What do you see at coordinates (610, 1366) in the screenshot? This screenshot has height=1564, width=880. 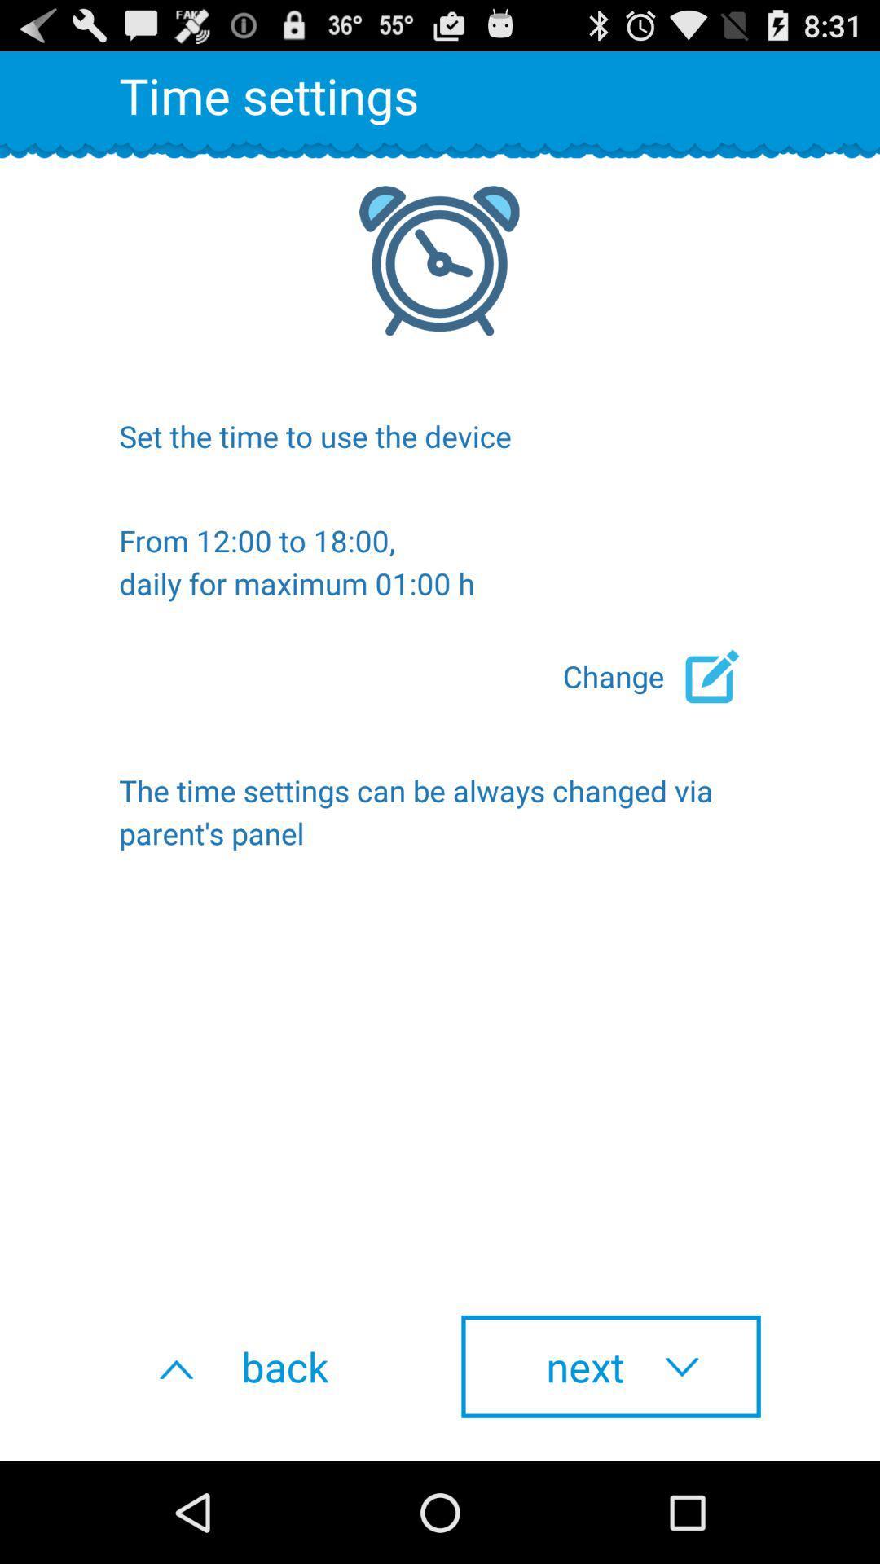 I see `button at the bottom right corner` at bounding box center [610, 1366].